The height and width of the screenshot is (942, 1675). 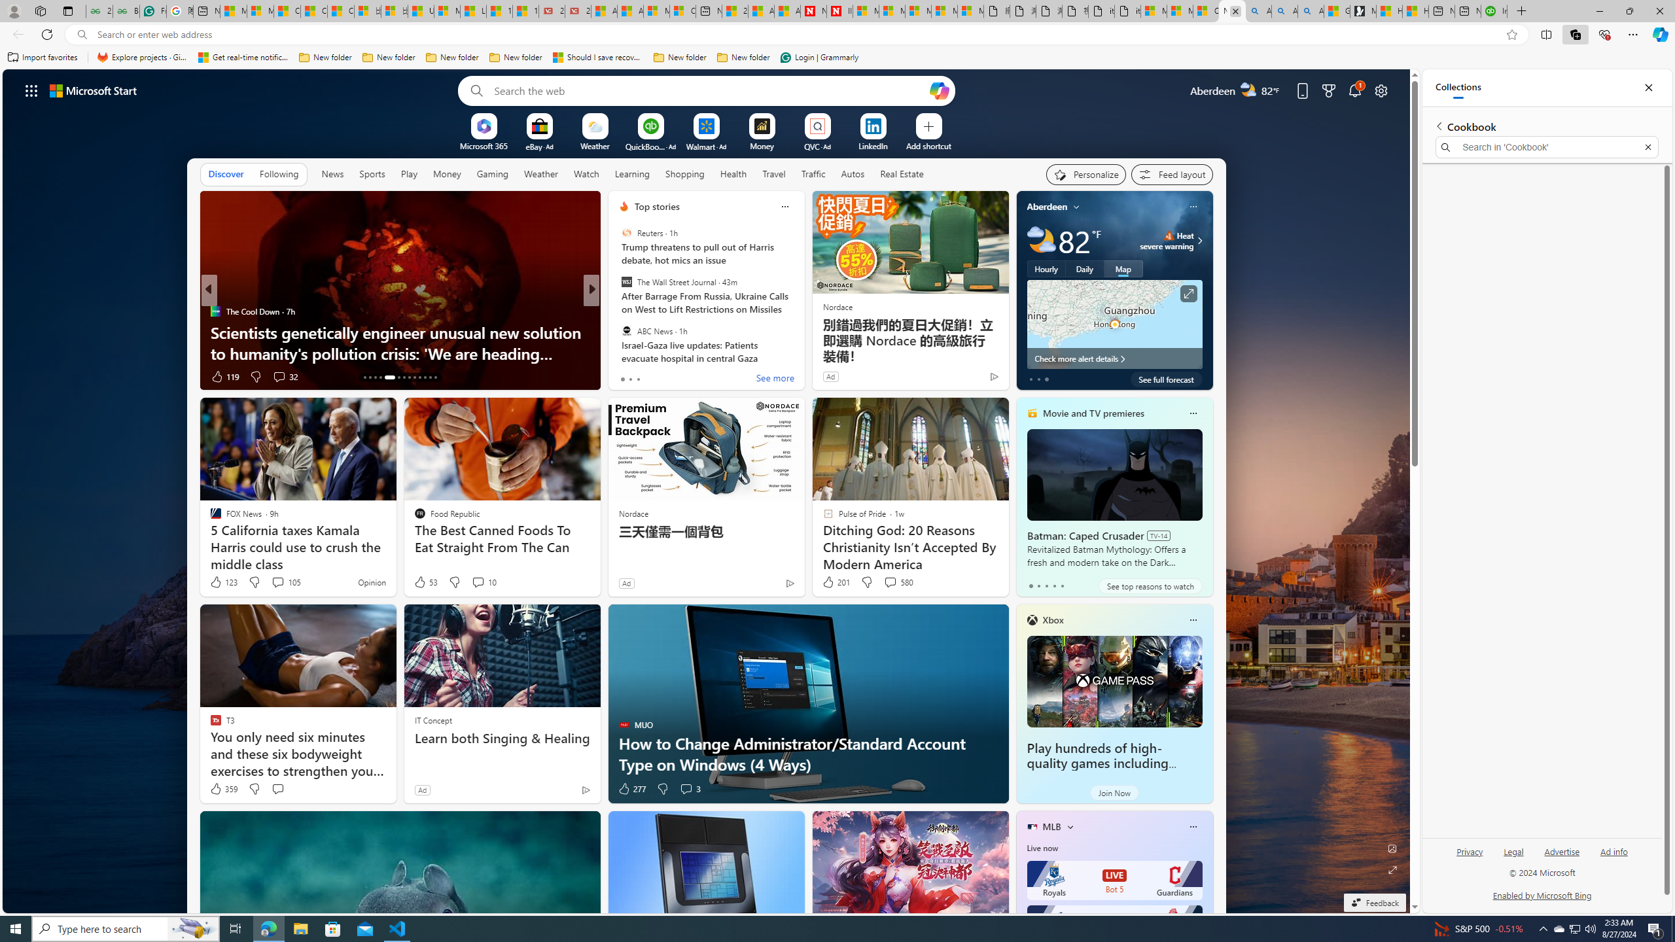 What do you see at coordinates (1257, 10) in the screenshot?
I see `'Alabama high school quarterback dies - Search'` at bounding box center [1257, 10].